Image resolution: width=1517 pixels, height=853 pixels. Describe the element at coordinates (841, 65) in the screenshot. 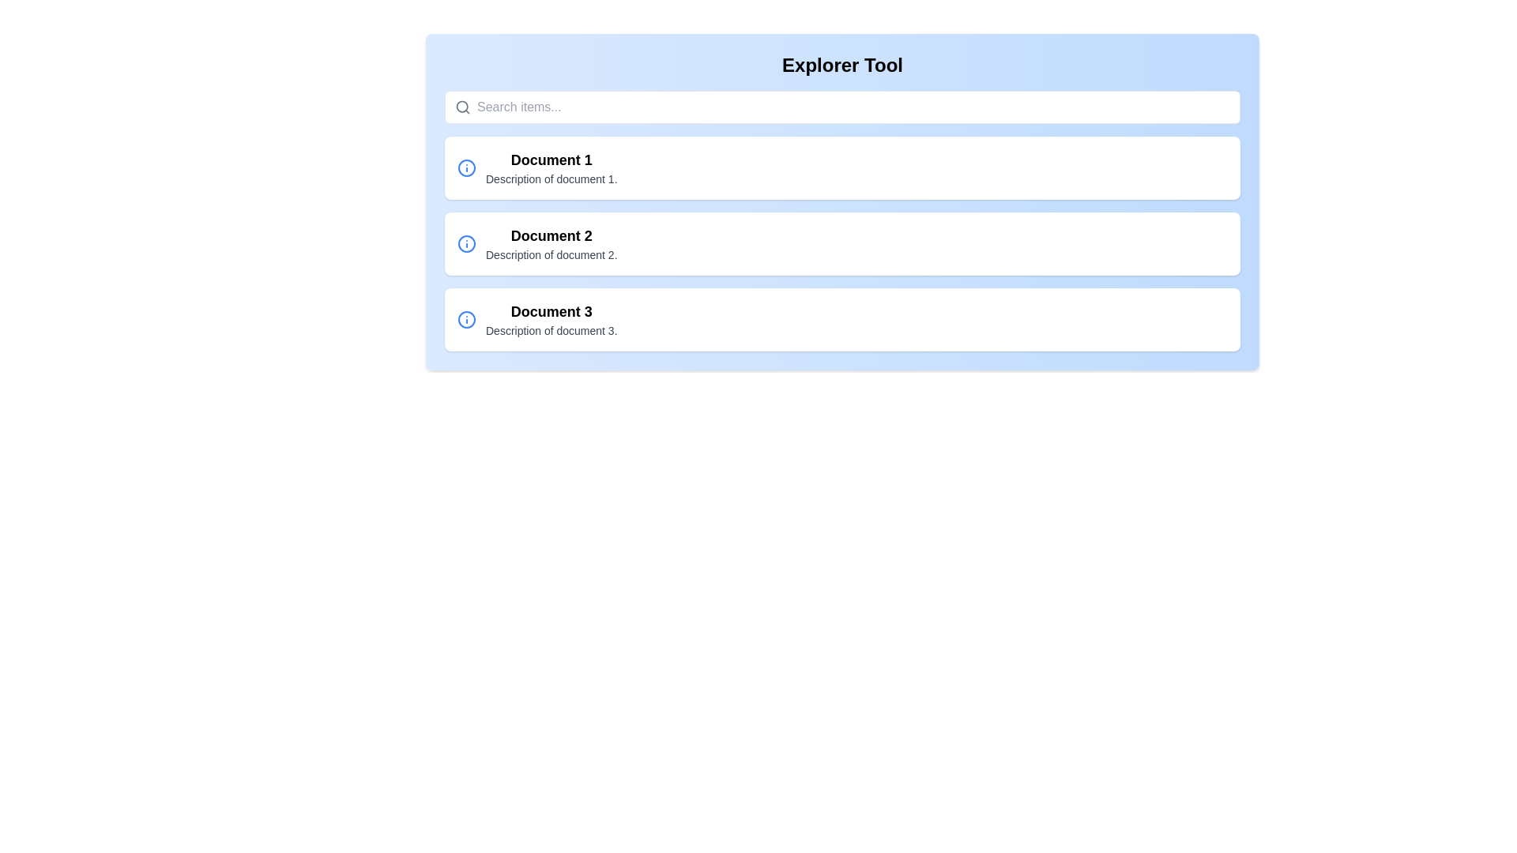

I see `the 'Explorer Tool' text label, which is bold and large, positioned at the top of a section with a gradient blue background` at that location.